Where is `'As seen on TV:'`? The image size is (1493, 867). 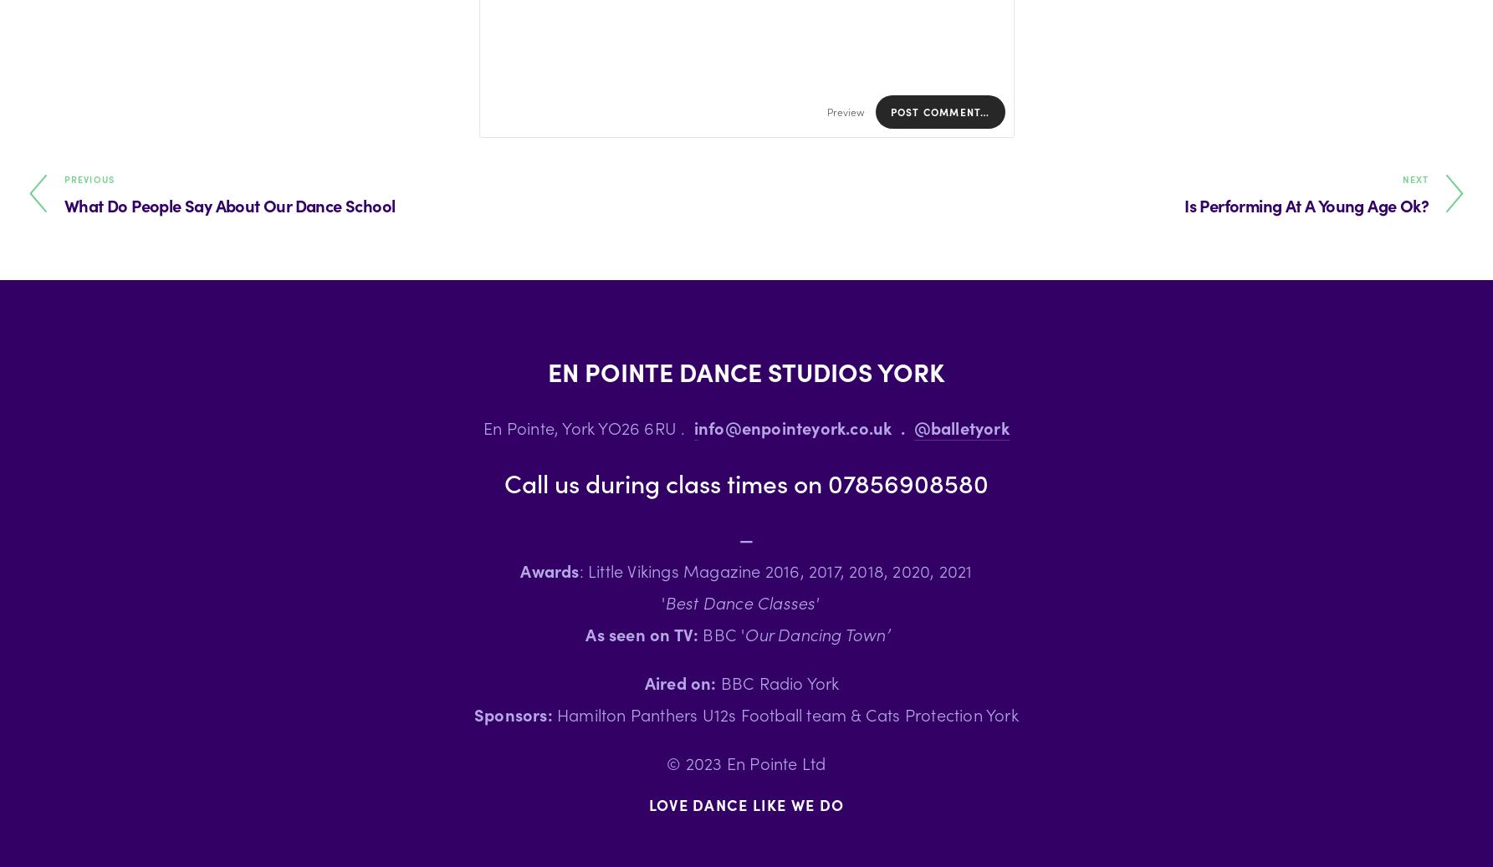
'As seen on TV:' is located at coordinates (642, 633).